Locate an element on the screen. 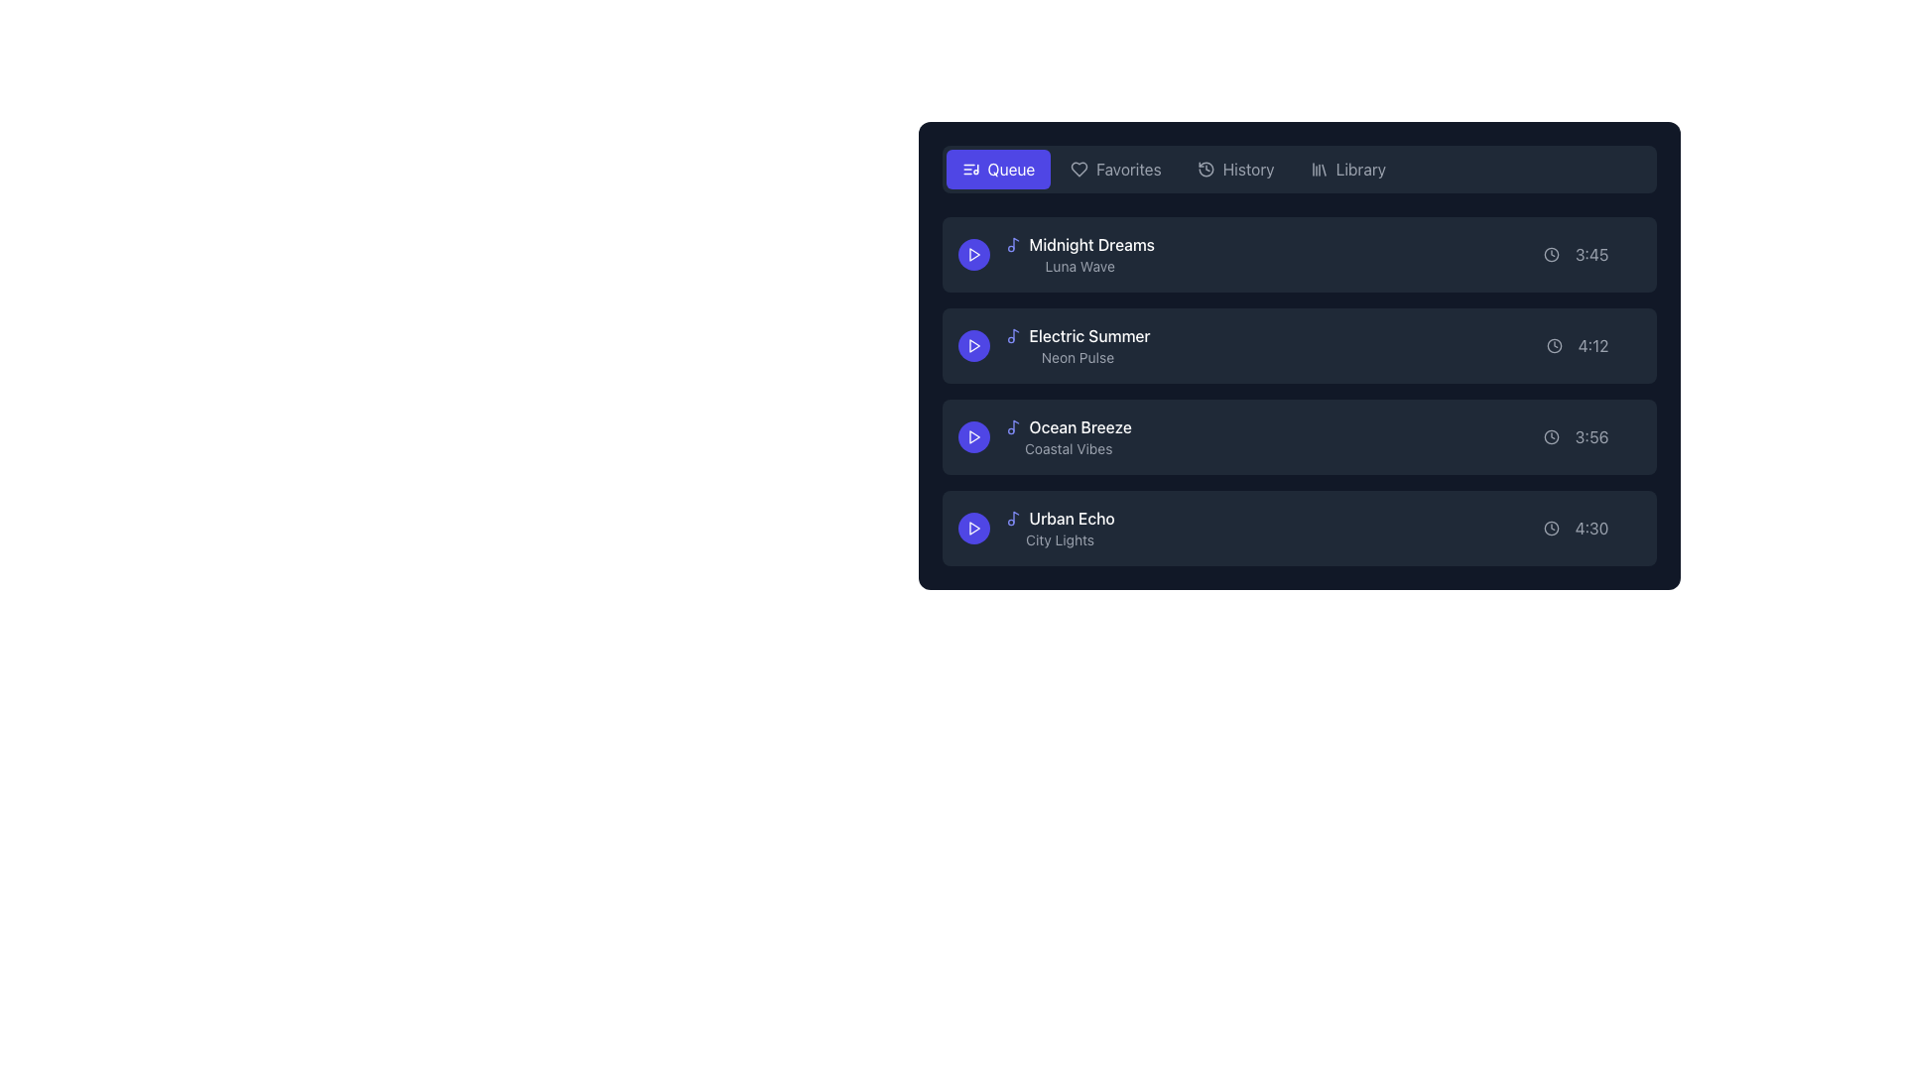 This screenshot has width=1905, height=1071. the heart-shaped icon with an outline style, located to the left of the 'Favorites' text in the navigation bar at the top of the dark-themed interface is located at coordinates (1079, 168).